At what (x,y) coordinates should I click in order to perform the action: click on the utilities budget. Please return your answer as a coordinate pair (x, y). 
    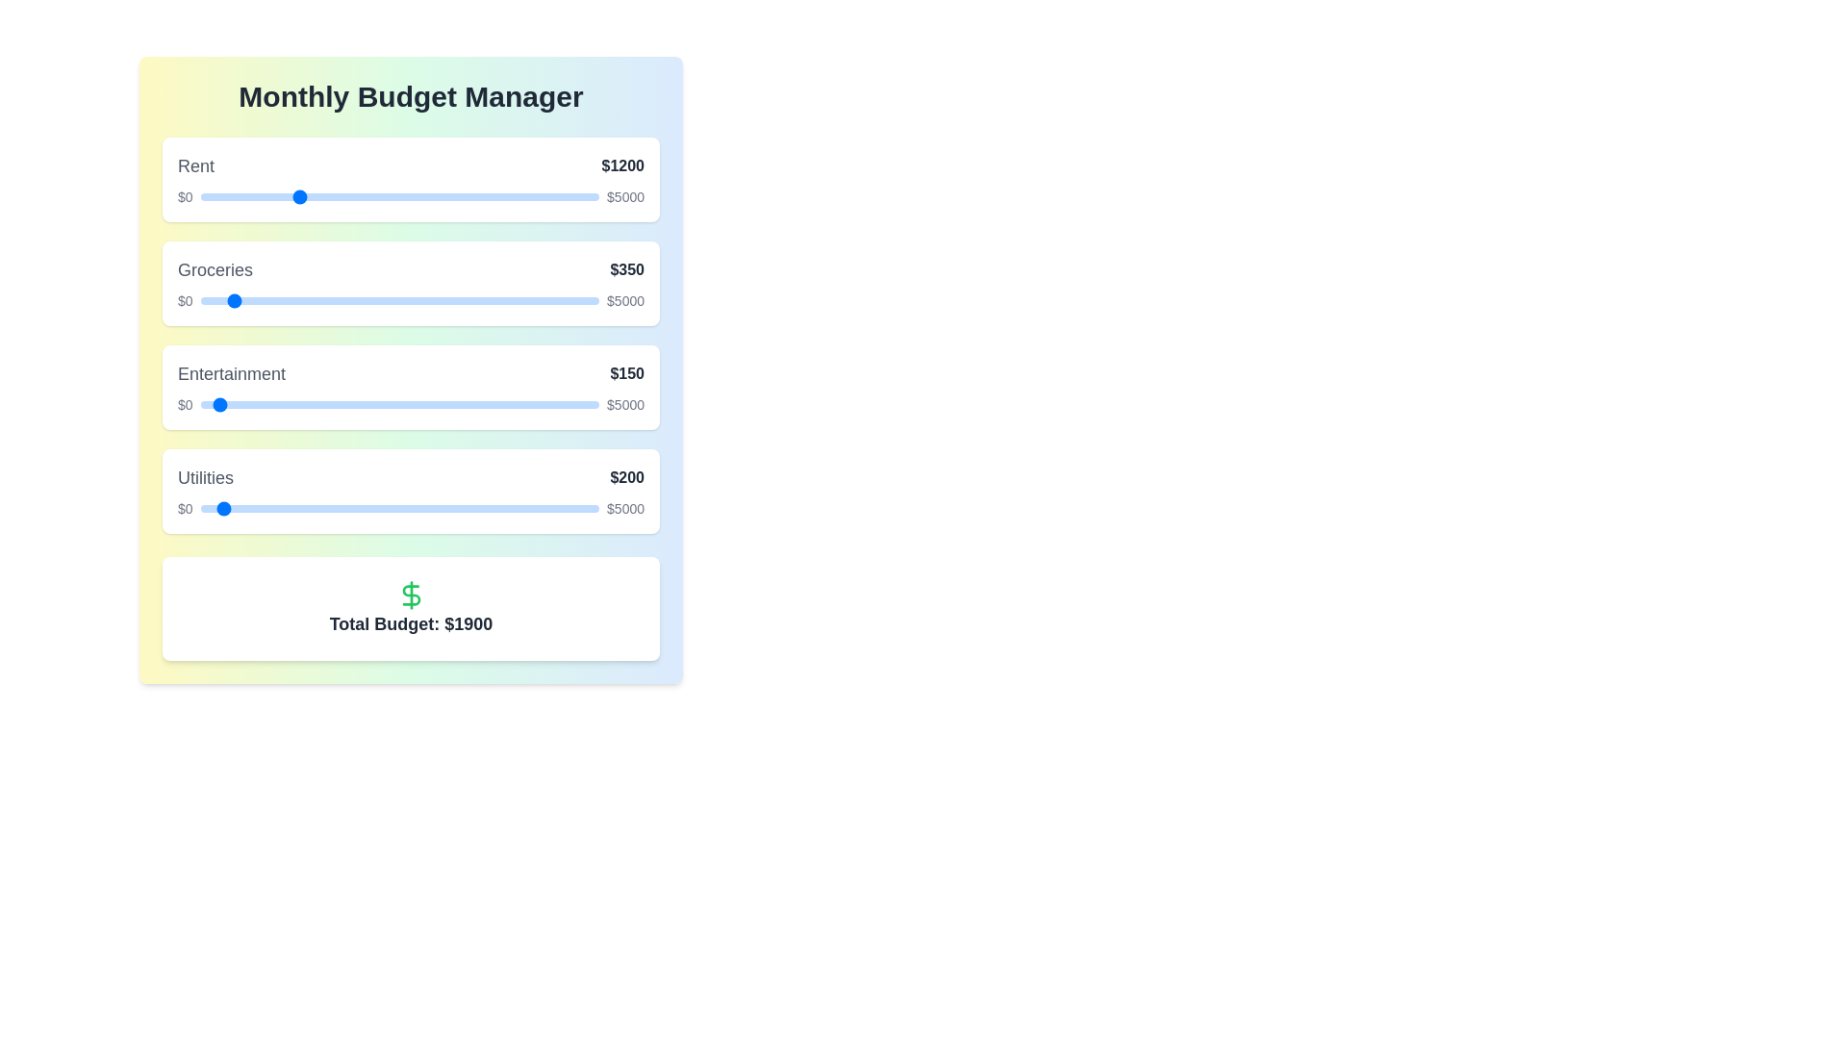
    Looking at the image, I should click on (250, 507).